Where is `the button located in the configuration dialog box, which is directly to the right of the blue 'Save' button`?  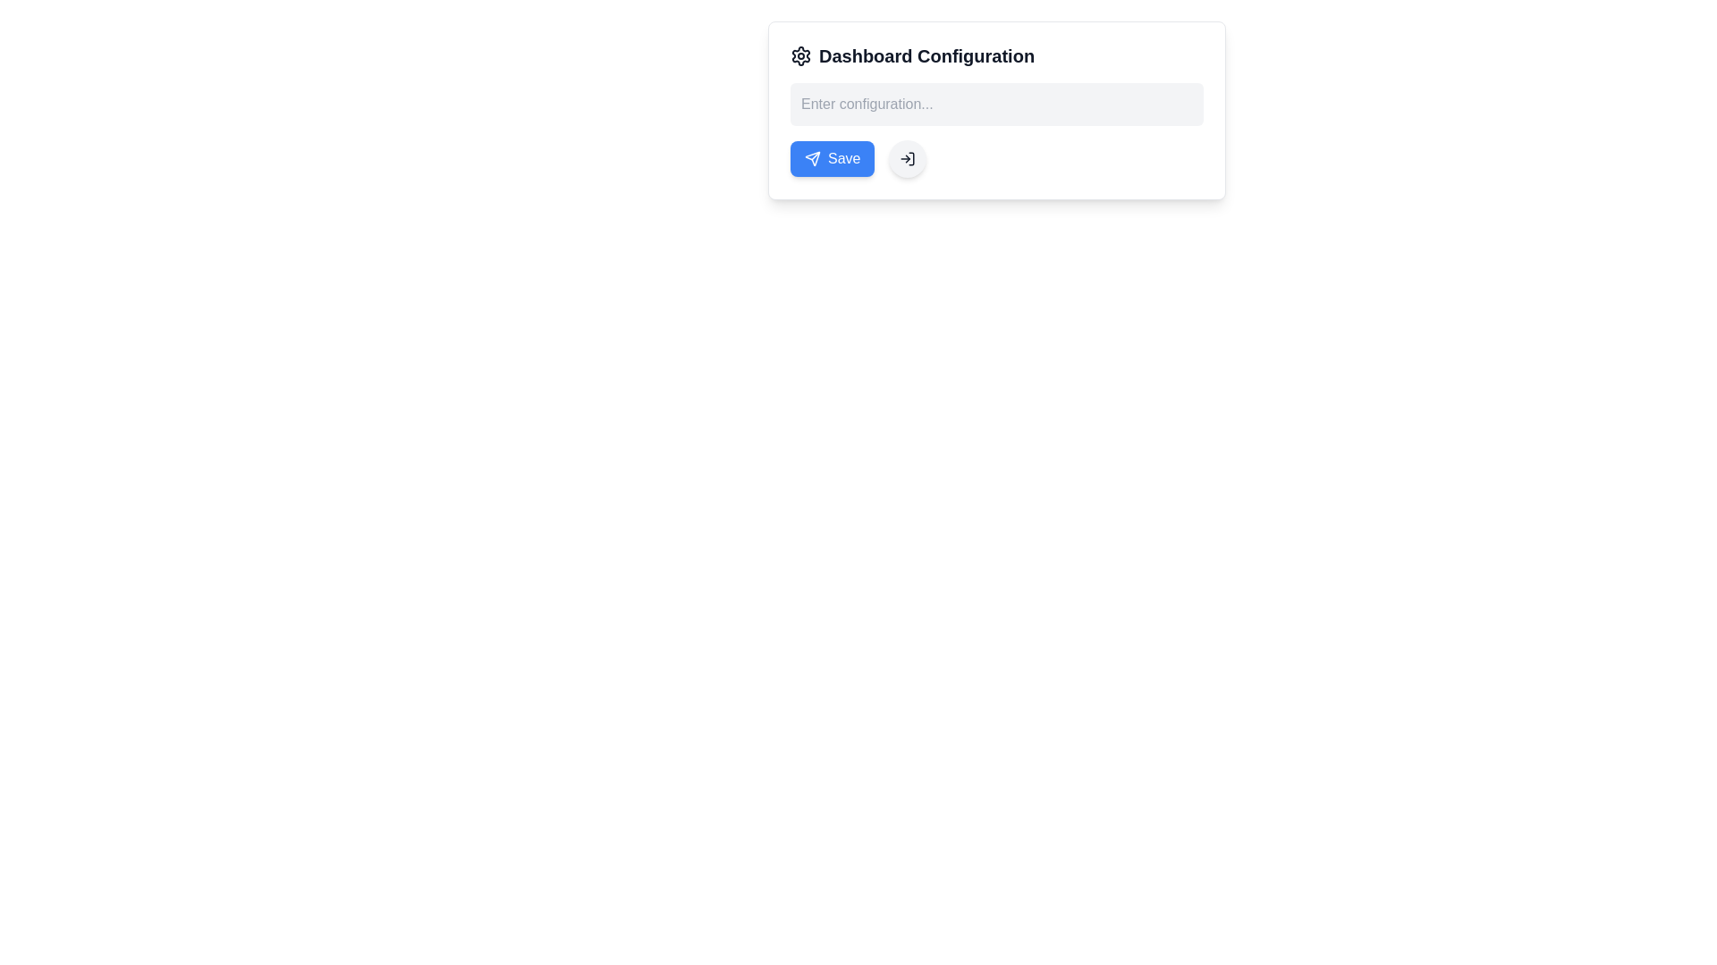
the button located in the configuration dialog box, which is directly to the right of the blue 'Save' button is located at coordinates (908, 157).